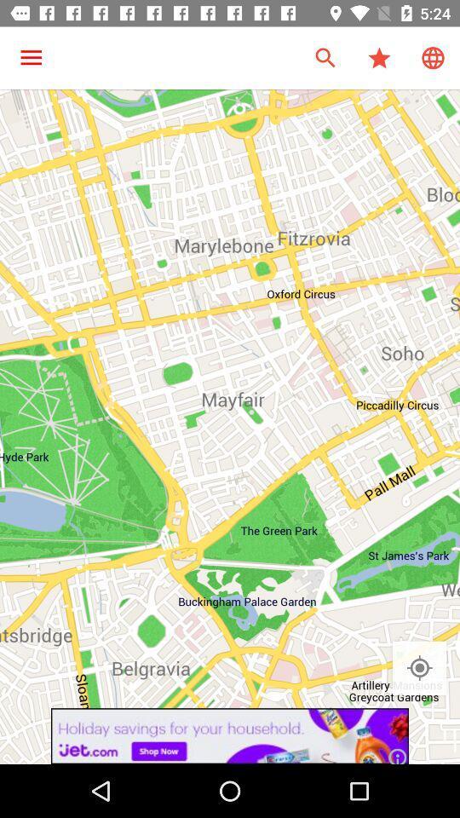 This screenshot has height=818, width=460. I want to click on location option, so click(418, 668).